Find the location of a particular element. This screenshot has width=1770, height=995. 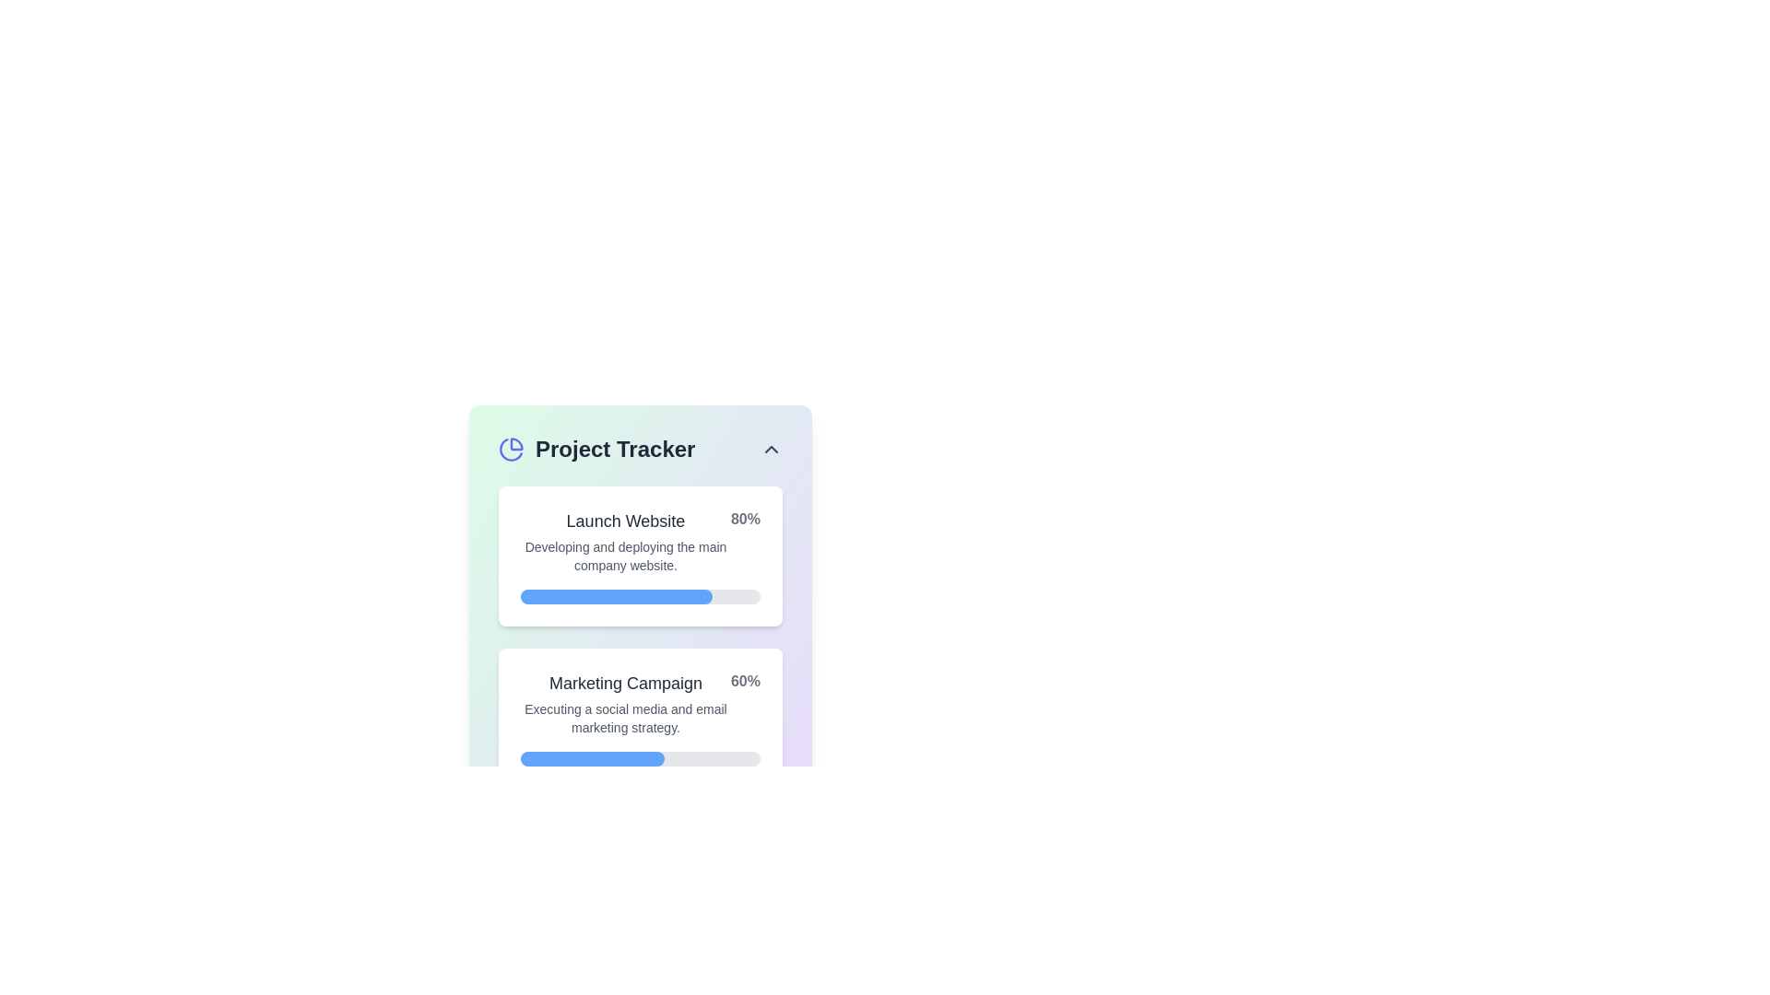

the 'Launch Website' text label, which is prominently displayed in a card-like section of the project tracker interface is located at coordinates (625, 521).